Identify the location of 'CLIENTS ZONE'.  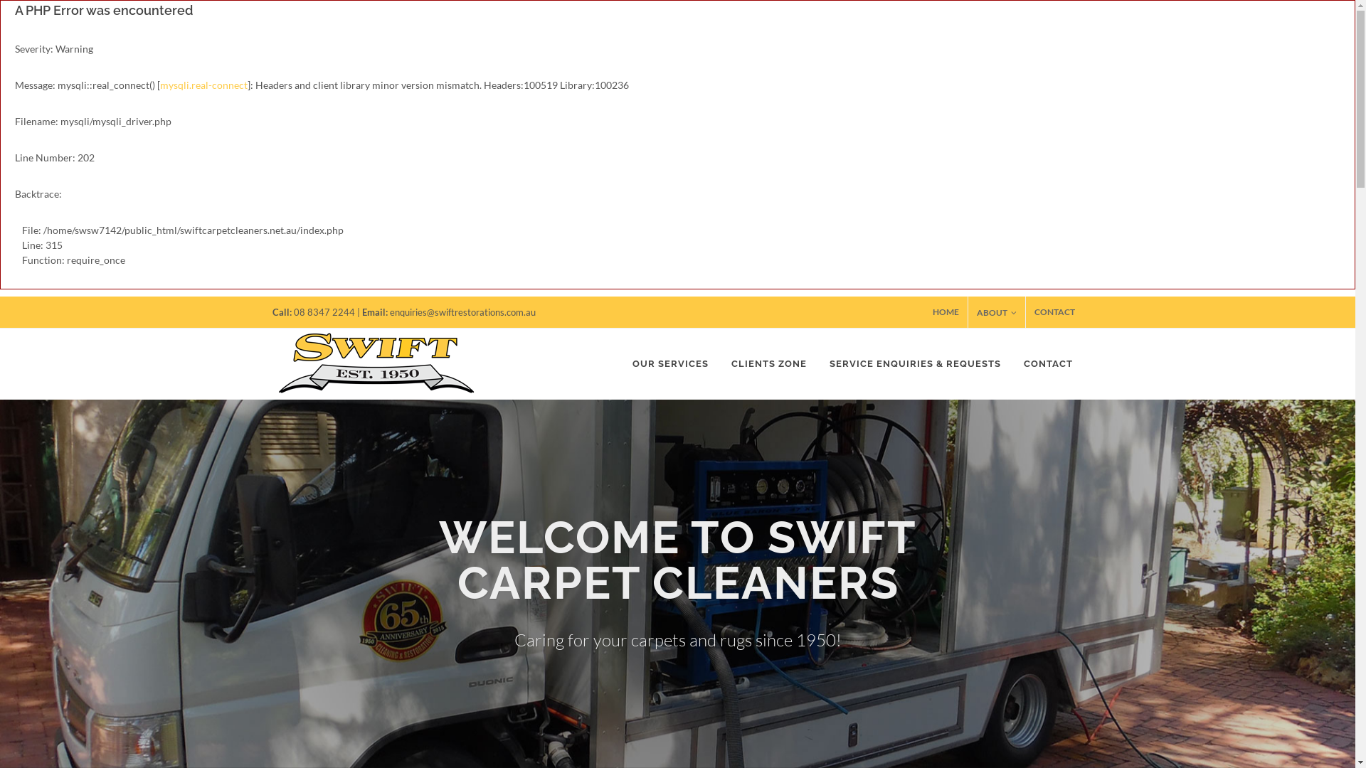
(768, 363).